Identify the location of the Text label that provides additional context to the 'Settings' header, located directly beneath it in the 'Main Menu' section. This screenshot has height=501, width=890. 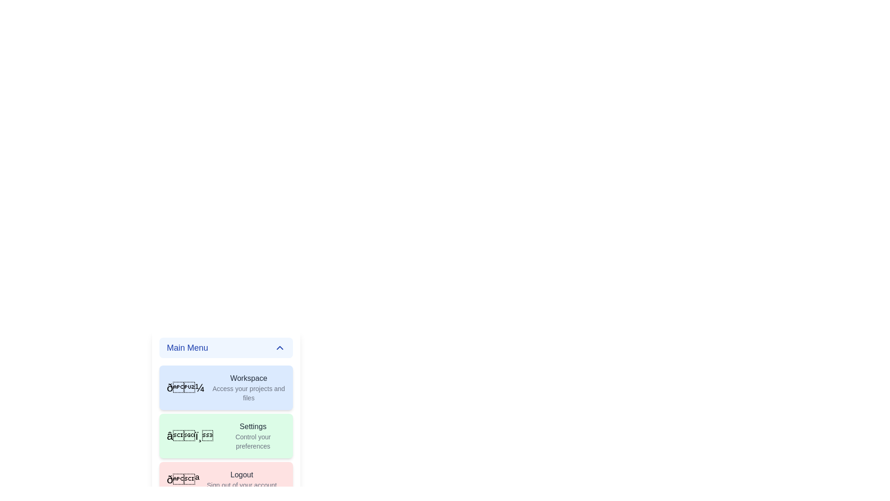
(253, 441).